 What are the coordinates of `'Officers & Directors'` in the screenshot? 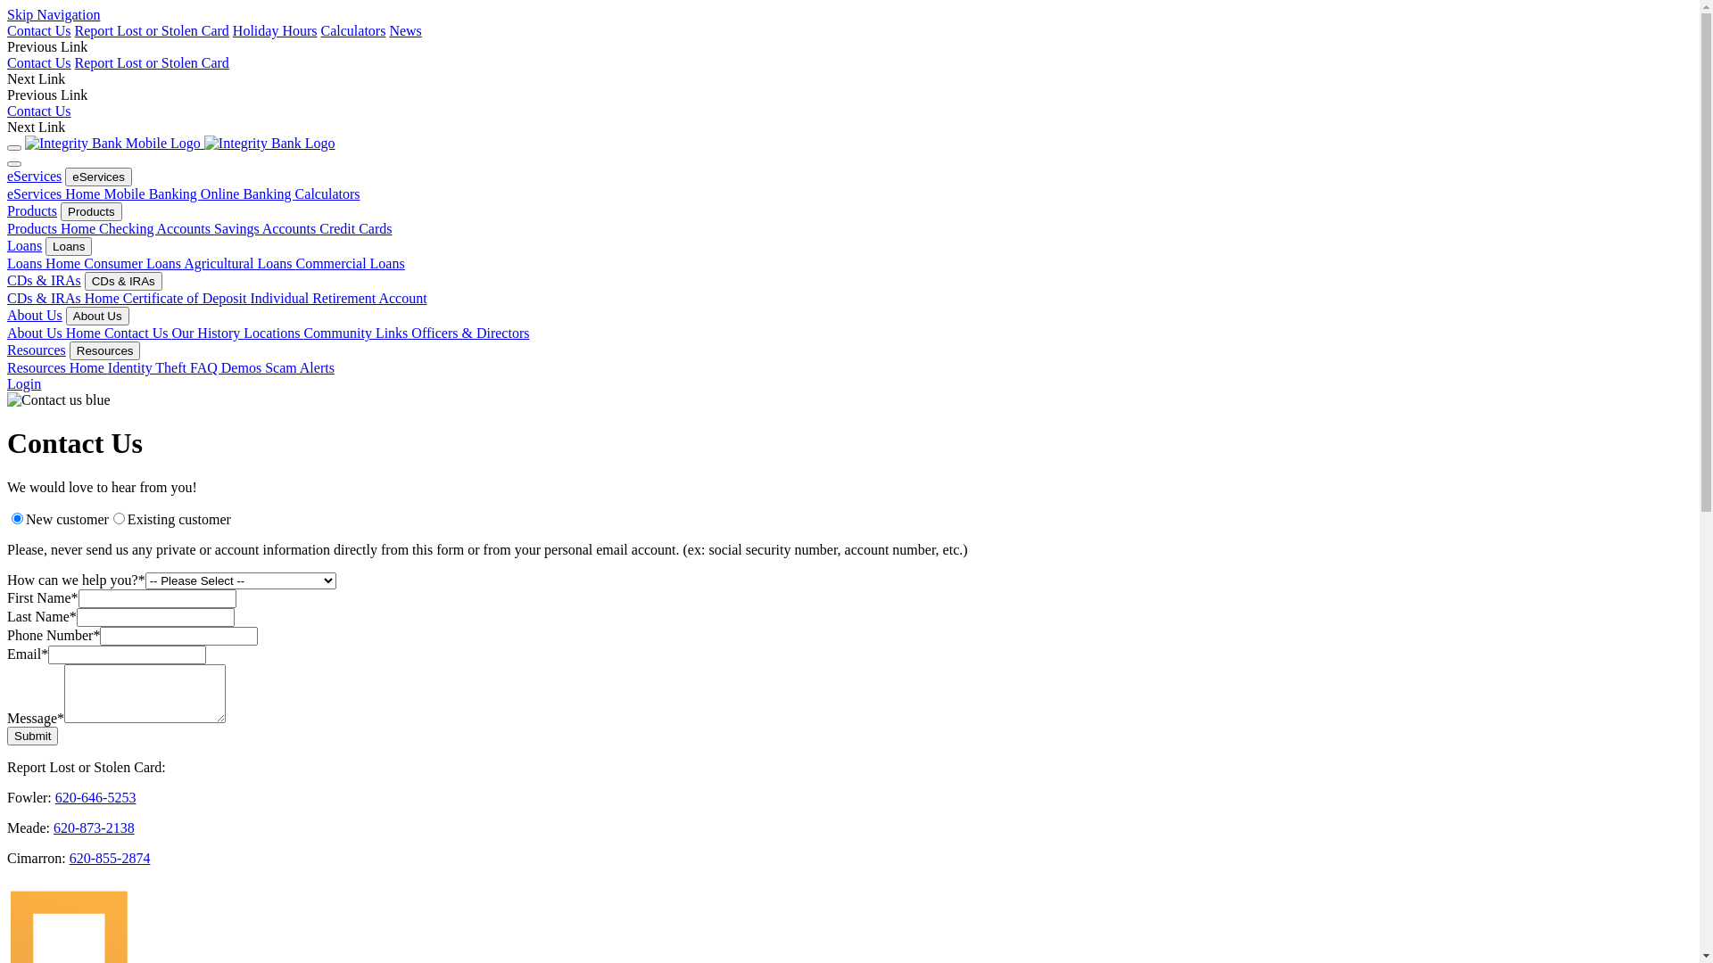 It's located at (470, 333).